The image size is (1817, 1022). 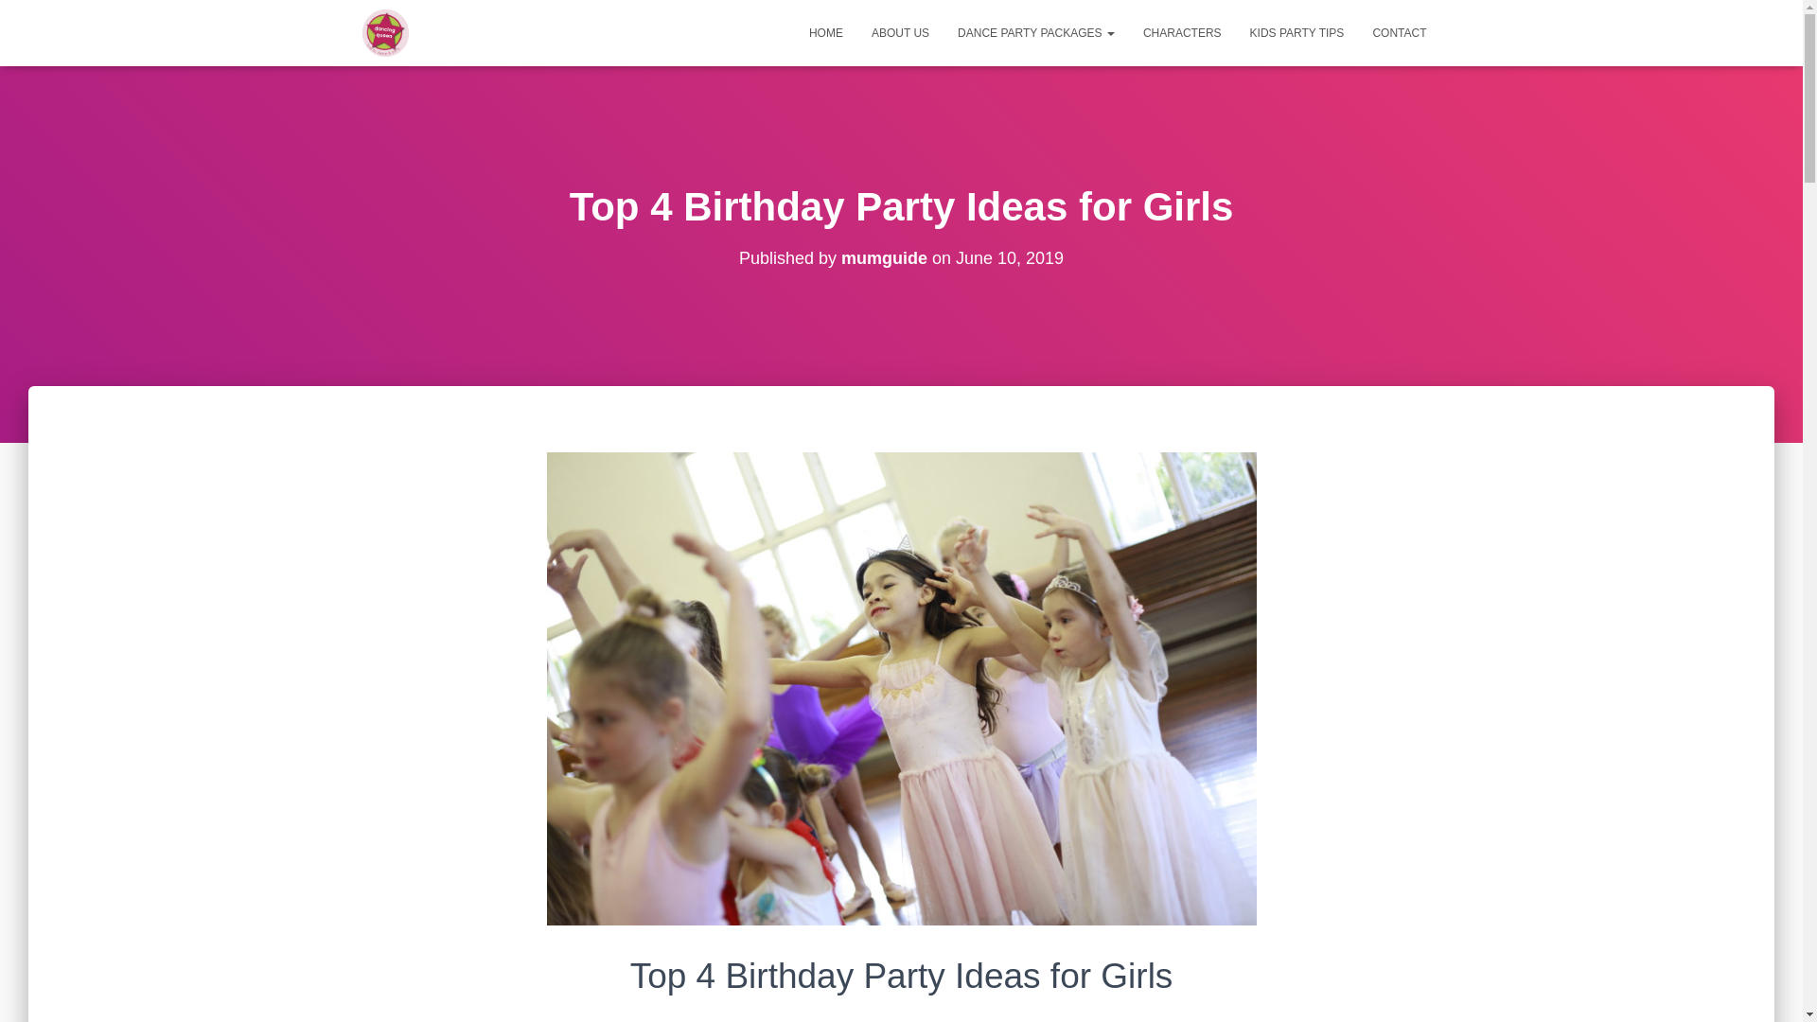 I want to click on 'ABOUT US', so click(x=899, y=32).